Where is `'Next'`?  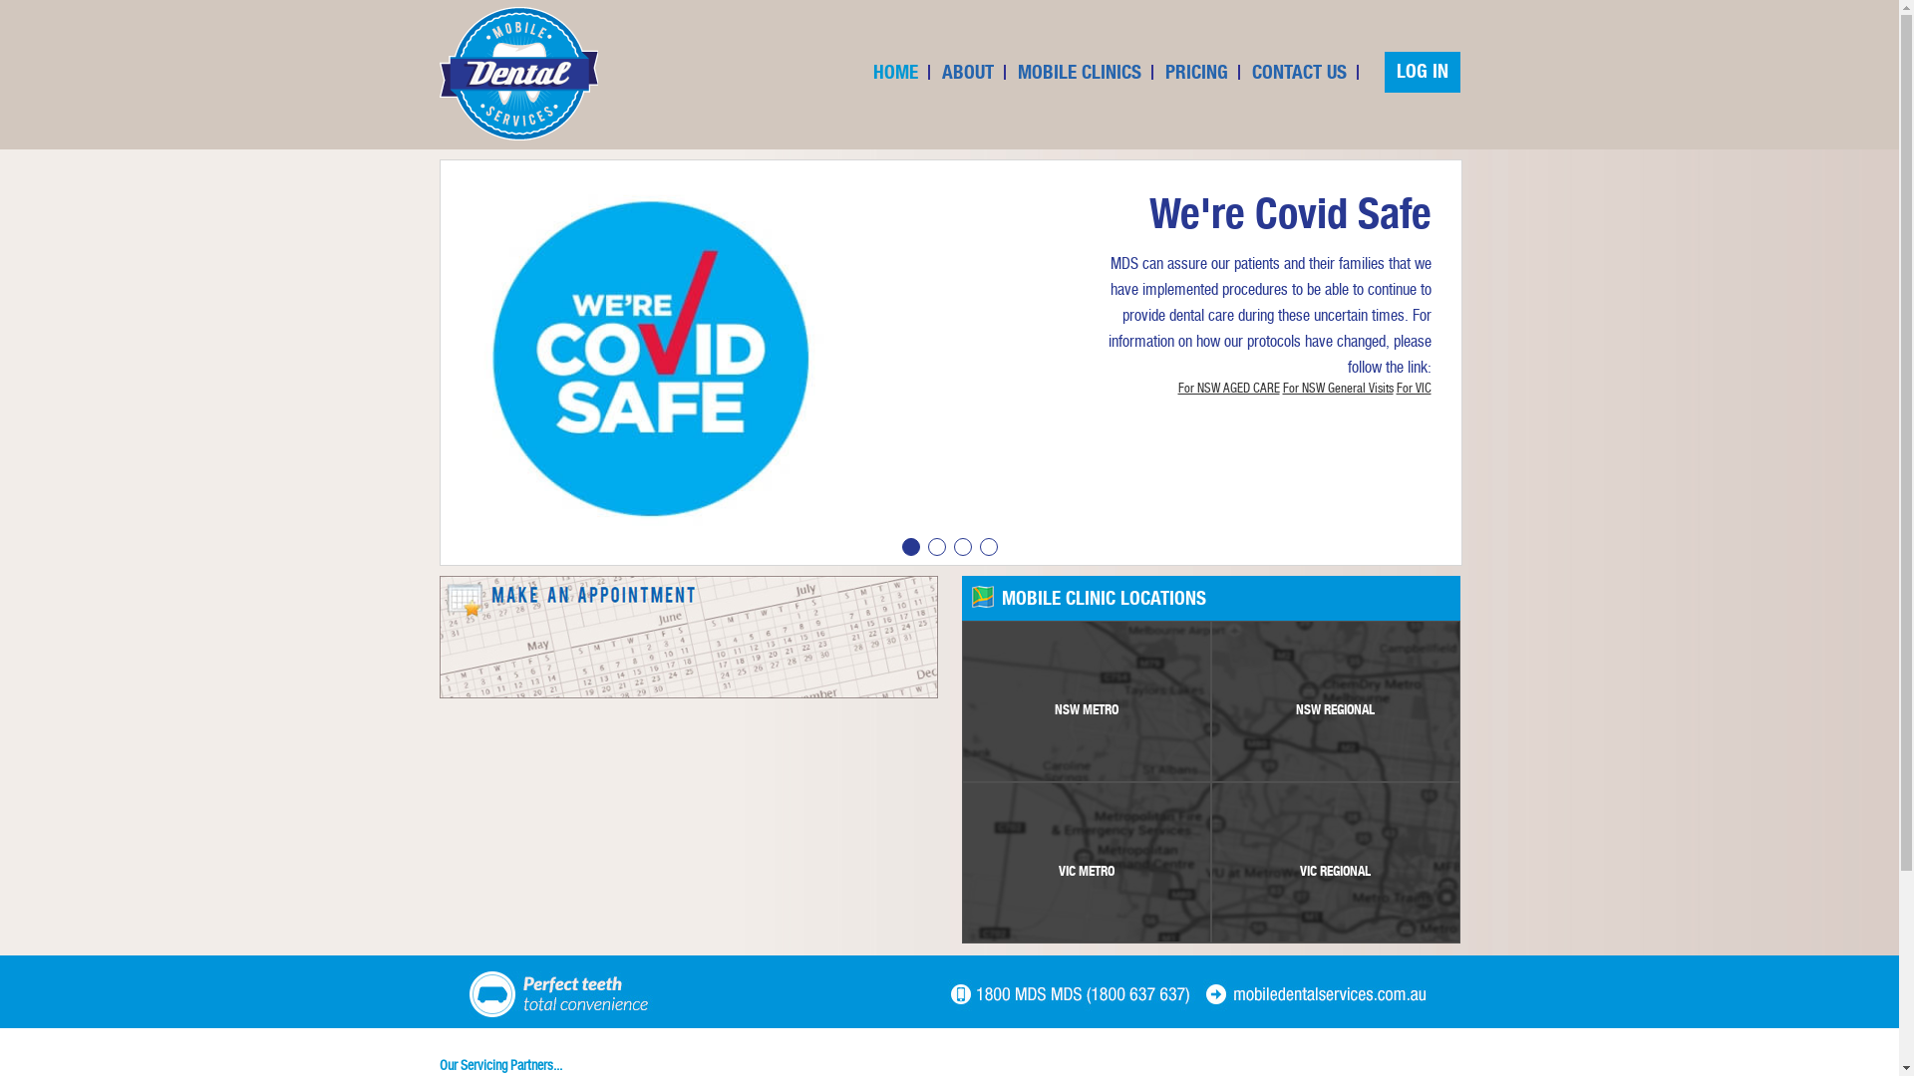
'Next' is located at coordinates (1454, 376).